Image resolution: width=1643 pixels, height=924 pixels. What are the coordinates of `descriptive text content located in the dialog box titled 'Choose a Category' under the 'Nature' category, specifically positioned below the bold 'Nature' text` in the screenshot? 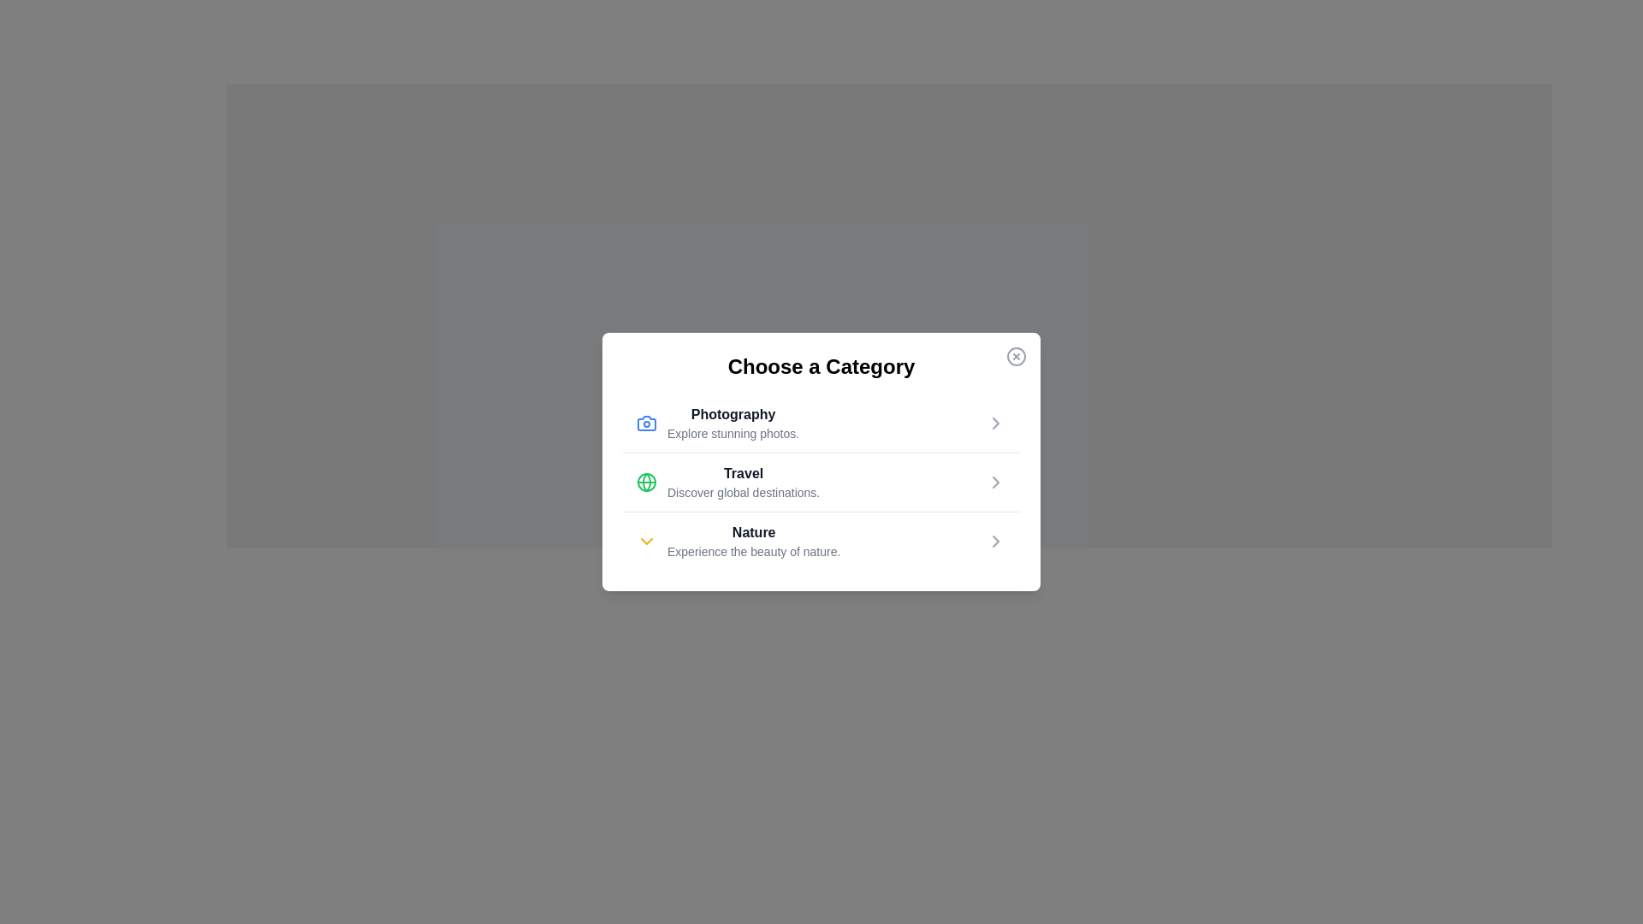 It's located at (753, 551).